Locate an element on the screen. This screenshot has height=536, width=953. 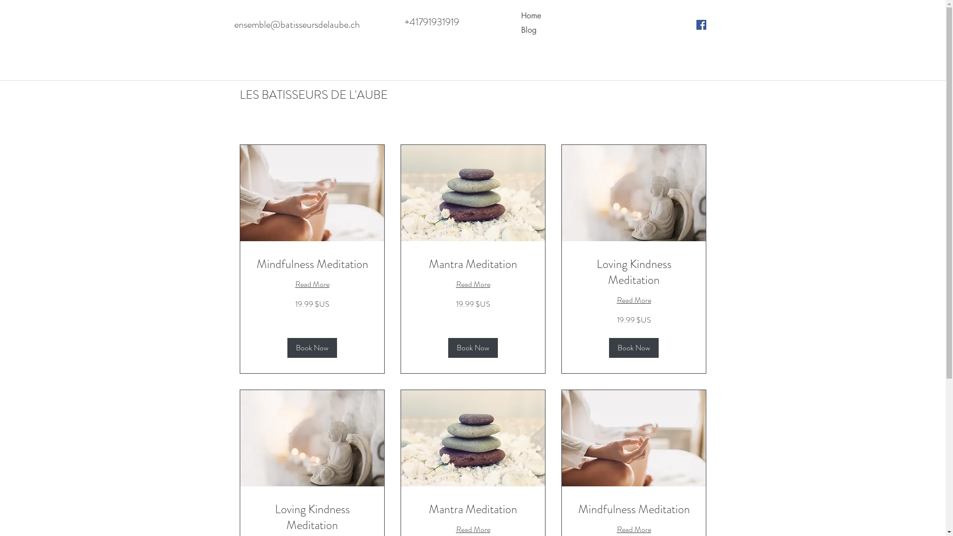
'Mindfulness Meditation' is located at coordinates (576, 509).